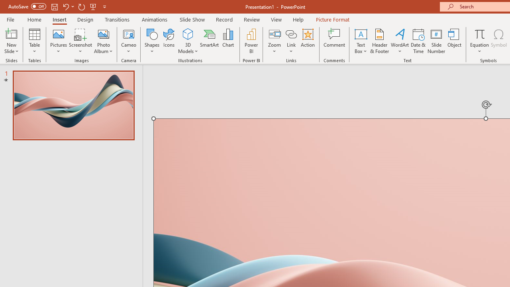 The width and height of the screenshot is (510, 287). I want to click on 'Action', so click(308, 41).